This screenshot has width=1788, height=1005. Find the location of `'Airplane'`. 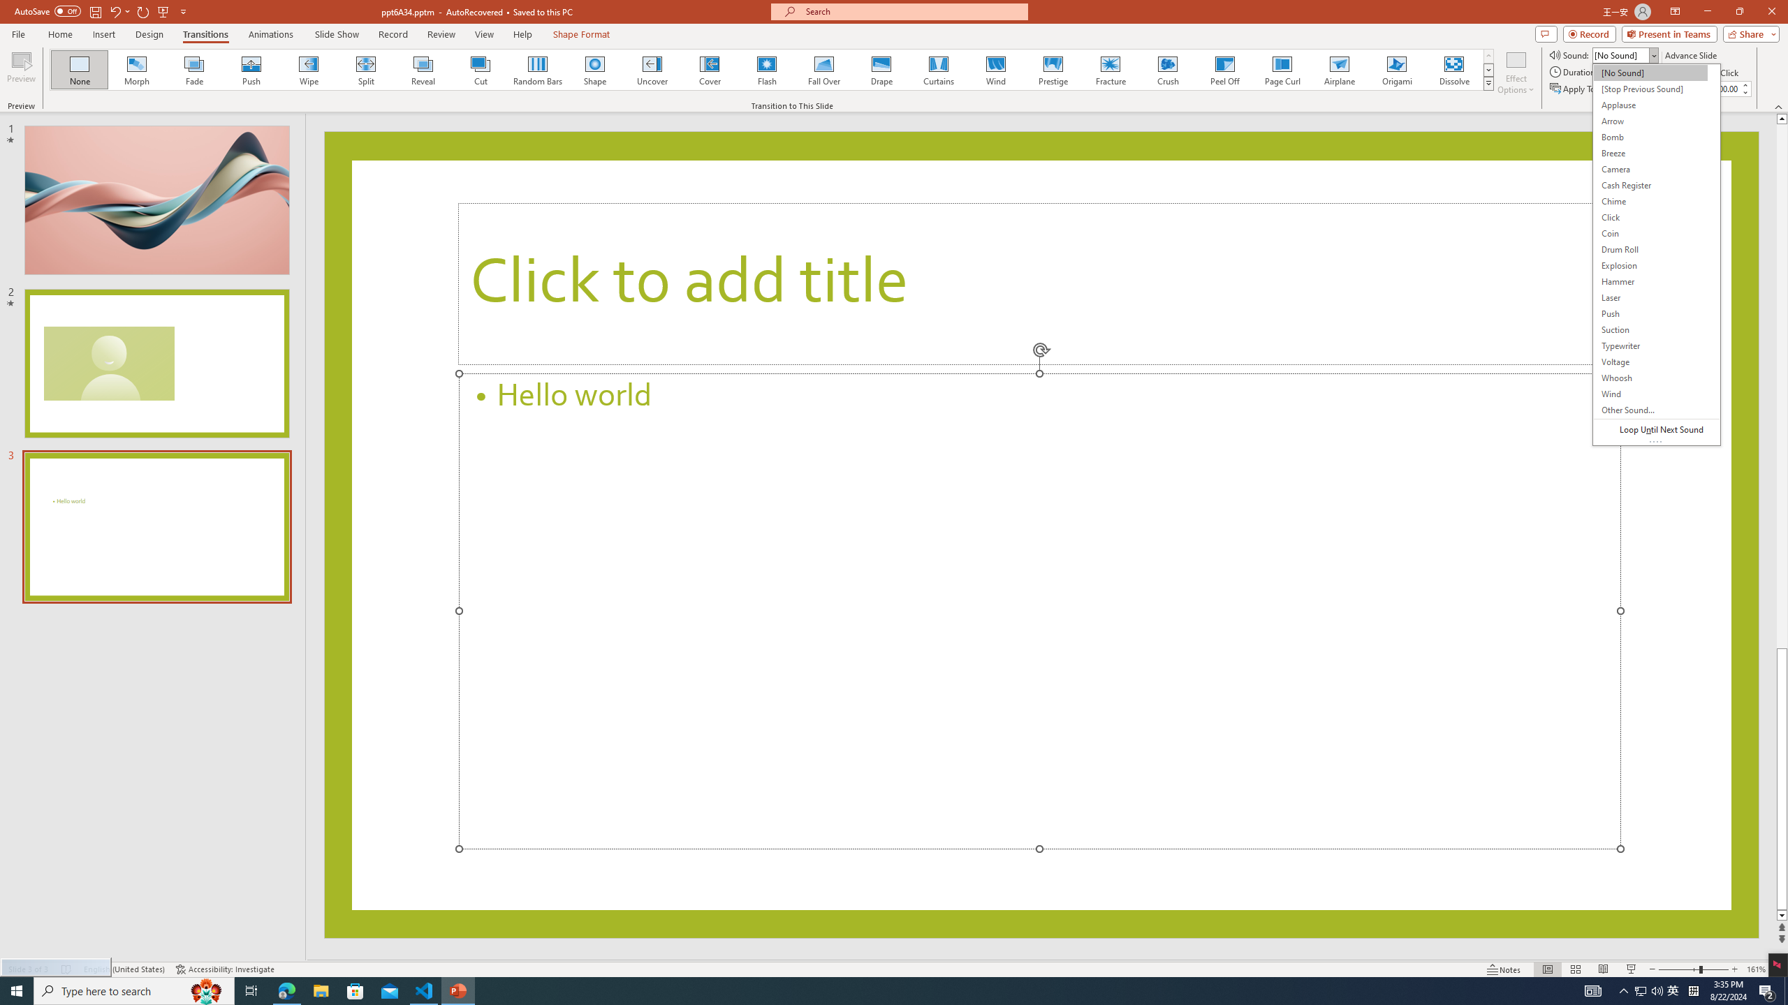

'Airplane' is located at coordinates (1338, 69).